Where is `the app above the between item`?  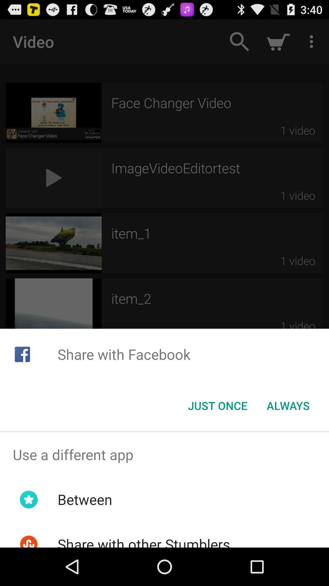
the app above the between item is located at coordinates (164, 454).